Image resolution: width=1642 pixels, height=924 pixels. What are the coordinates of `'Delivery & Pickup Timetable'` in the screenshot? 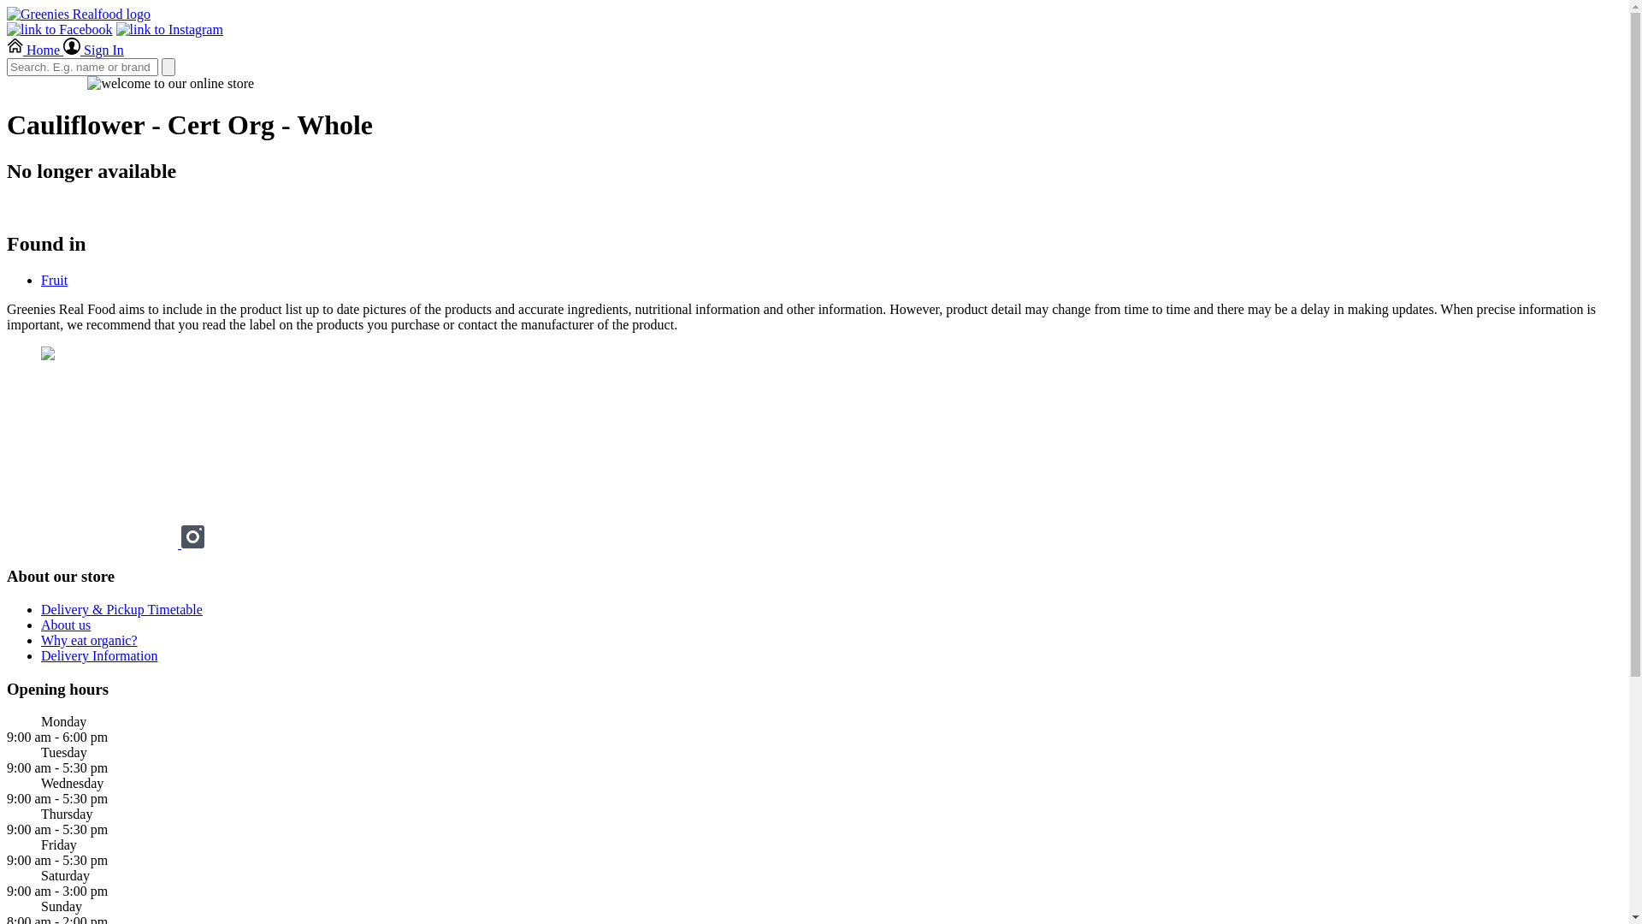 It's located at (121, 608).